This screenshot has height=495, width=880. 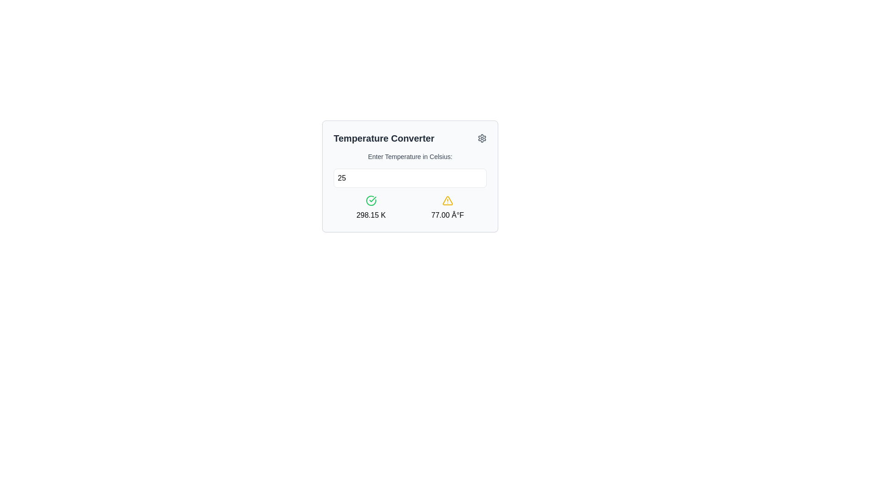 I want to click on the temperature display label showing temperature in Kelvin, which is positioned beneath a checkmark icon and a warning icon in the temperature conversion interface, so click(x=371, y=215).